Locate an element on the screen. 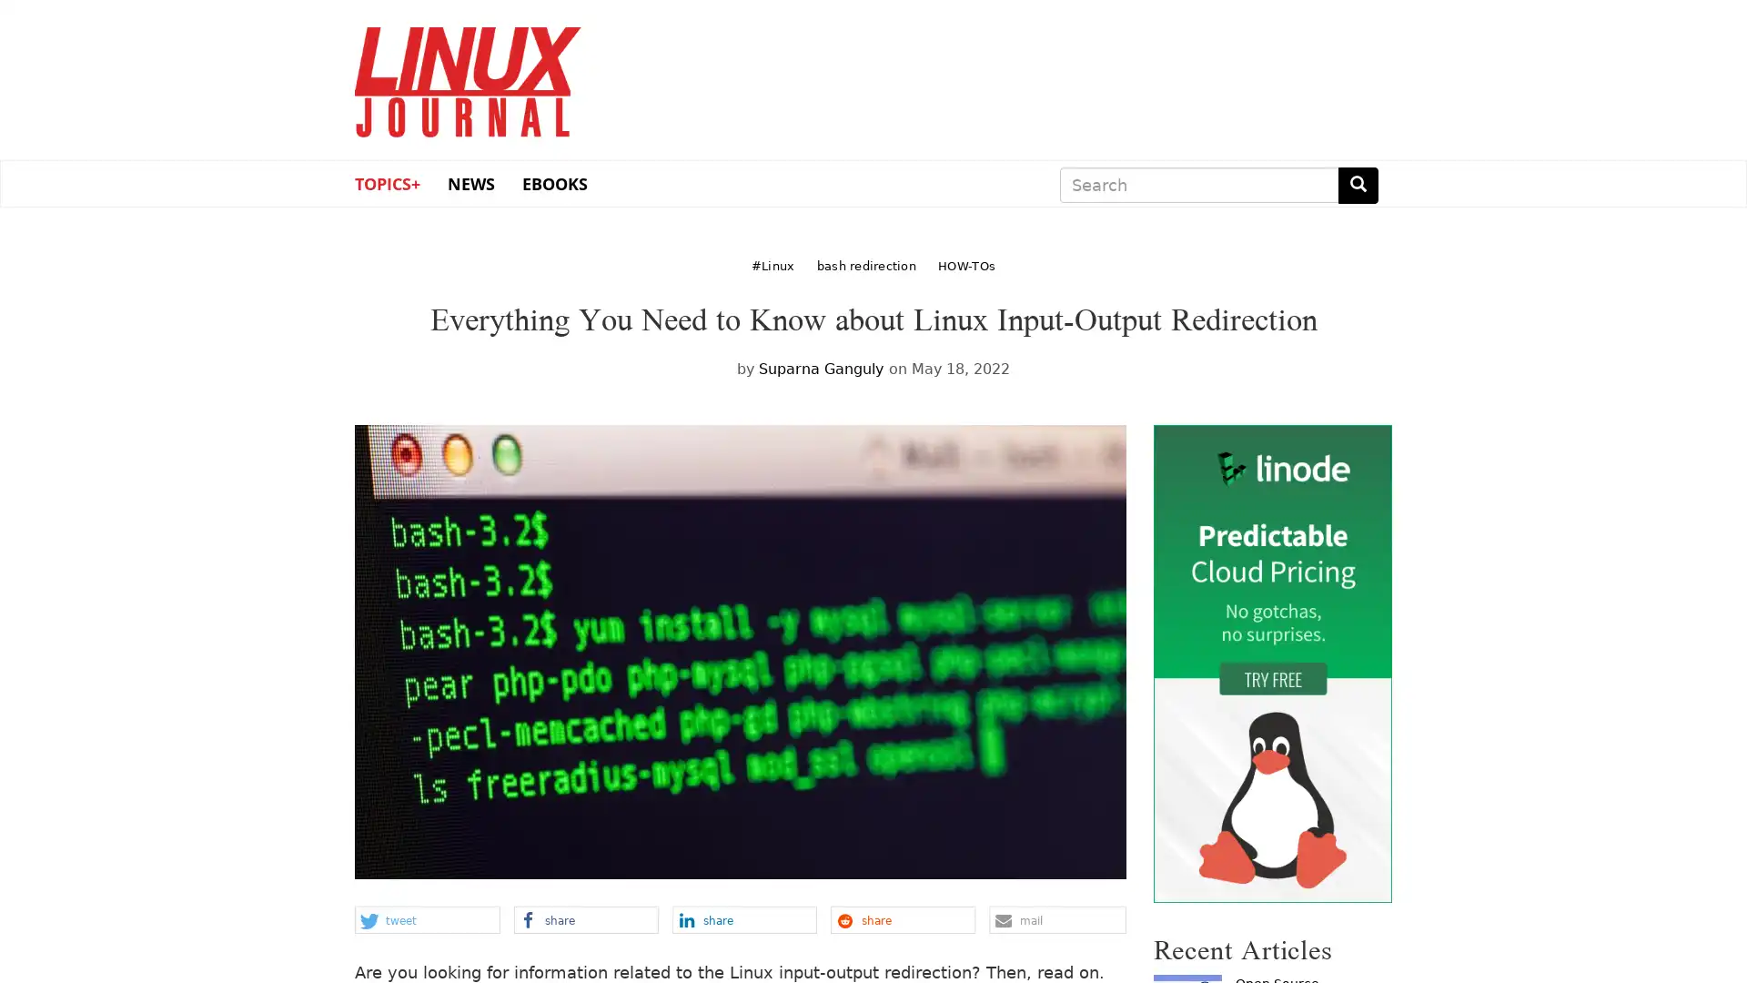 Image resolution: width=1747 pixels, height=983 pixels. Share on Facebook is located at coordinates (585, 919).